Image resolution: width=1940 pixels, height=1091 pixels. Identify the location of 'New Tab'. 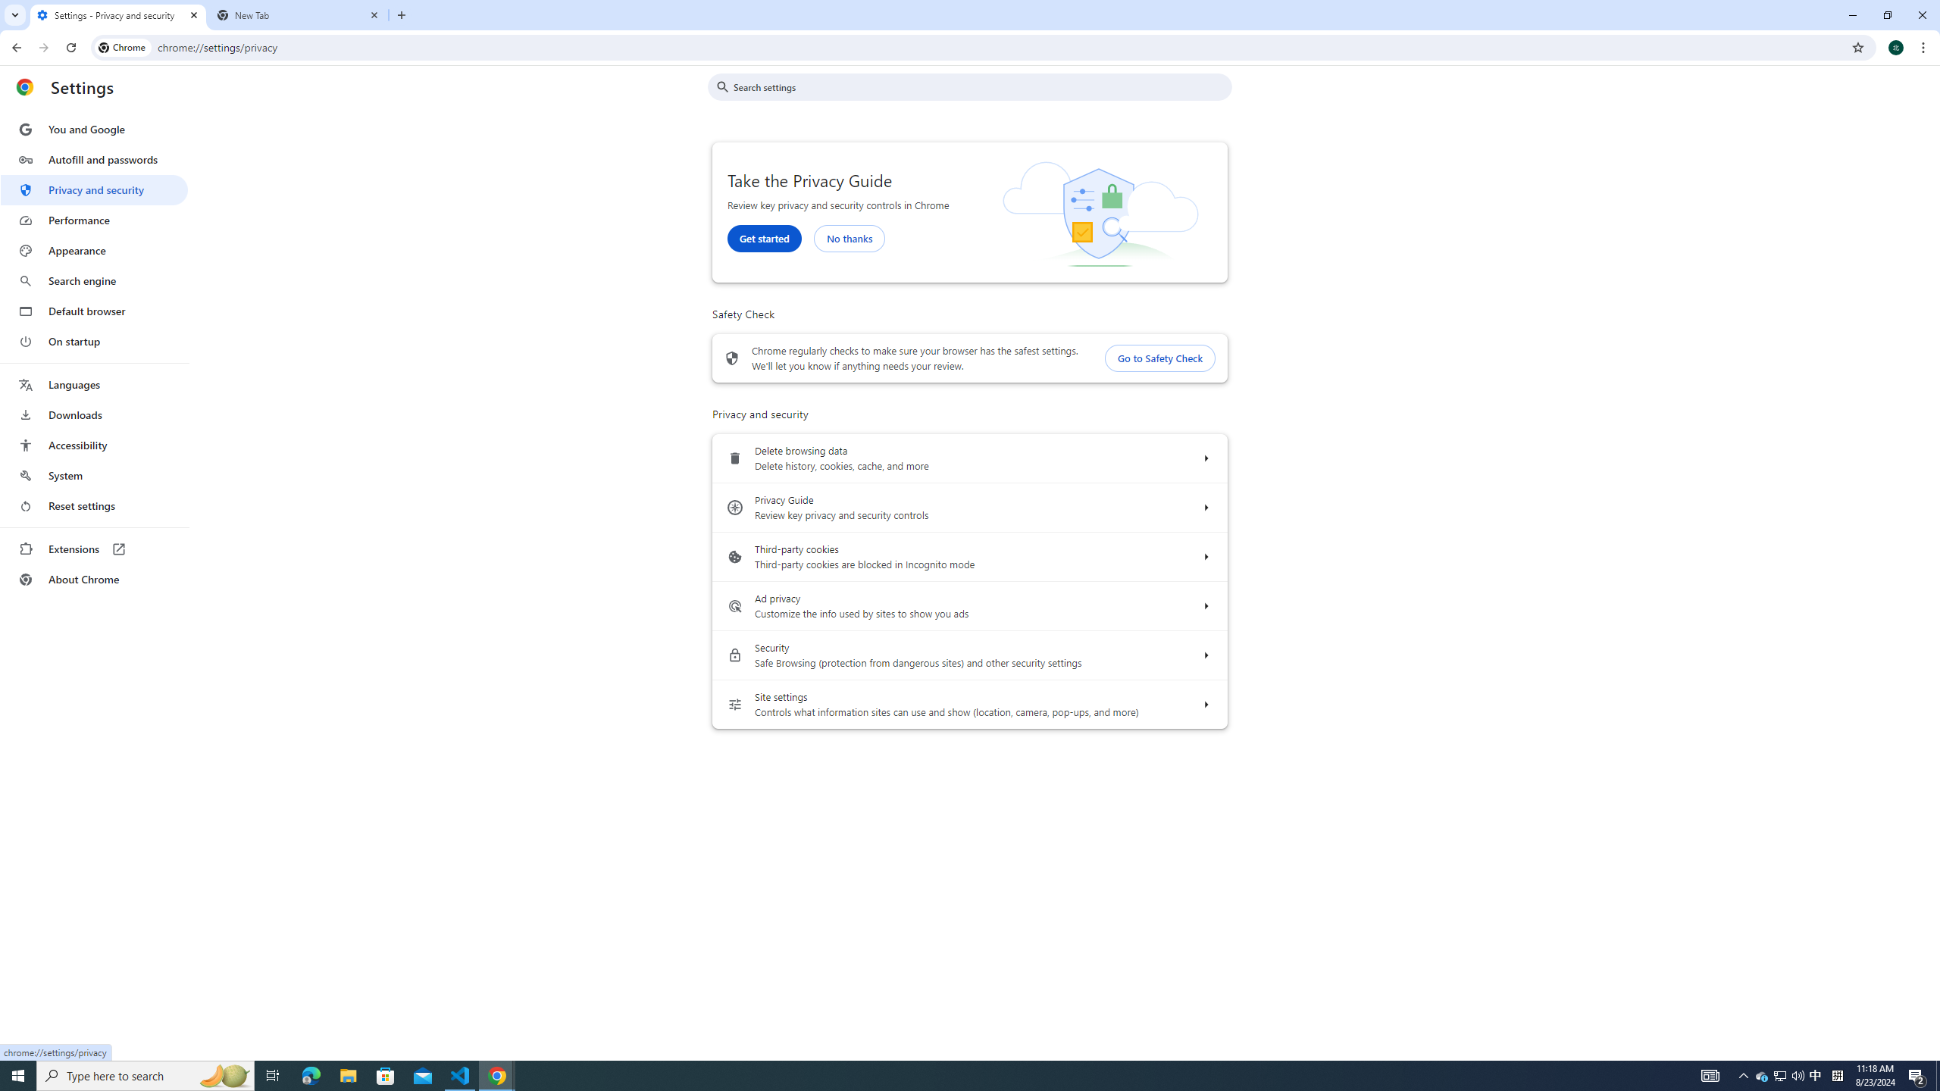
(299, 14).